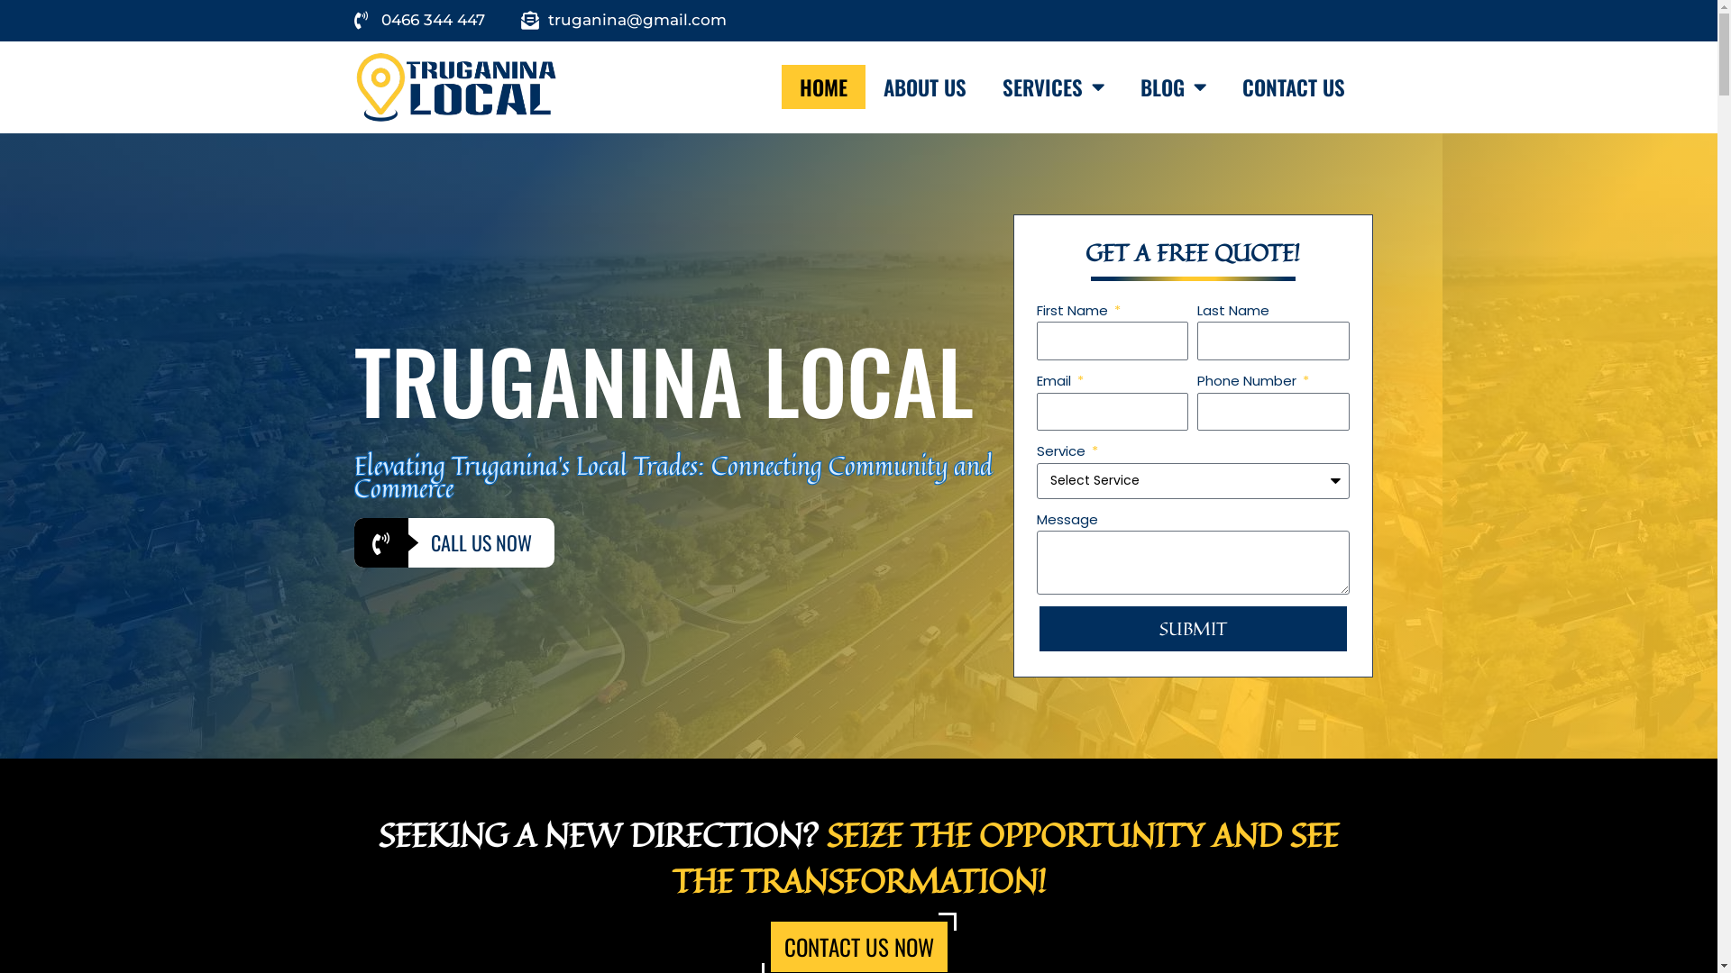 Image resolution: width=1731 pixels, height=973 pixels. What do you see at coordinates (1053, 86) in the screenshot?
I see `'SERVICES'` at bounding box center [1053, 86].